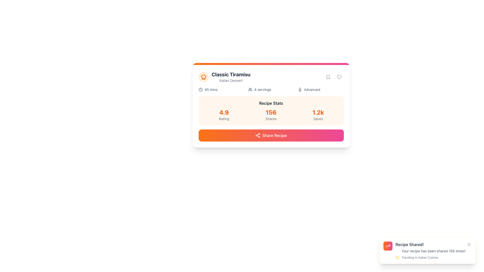 The image size is (484, 272). What do you see at coordinates (203, 77) in the screenshot?
I see `the icon located in the top left corner of the card displaying the 'Classic Tiramisu' recipe, which represents the type or category of the recipe` at bounding box center [203, 77].